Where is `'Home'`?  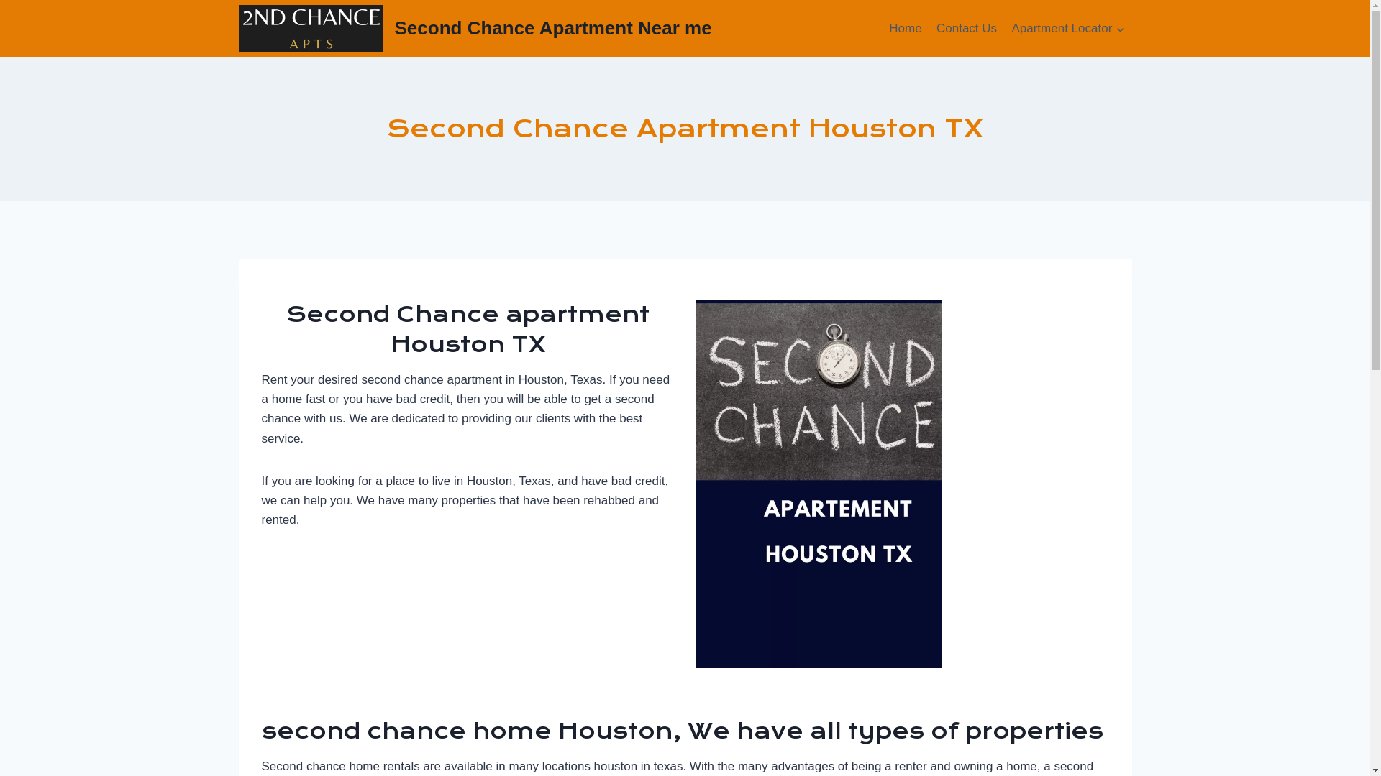 'Home' is located at coordinates (904, 28).